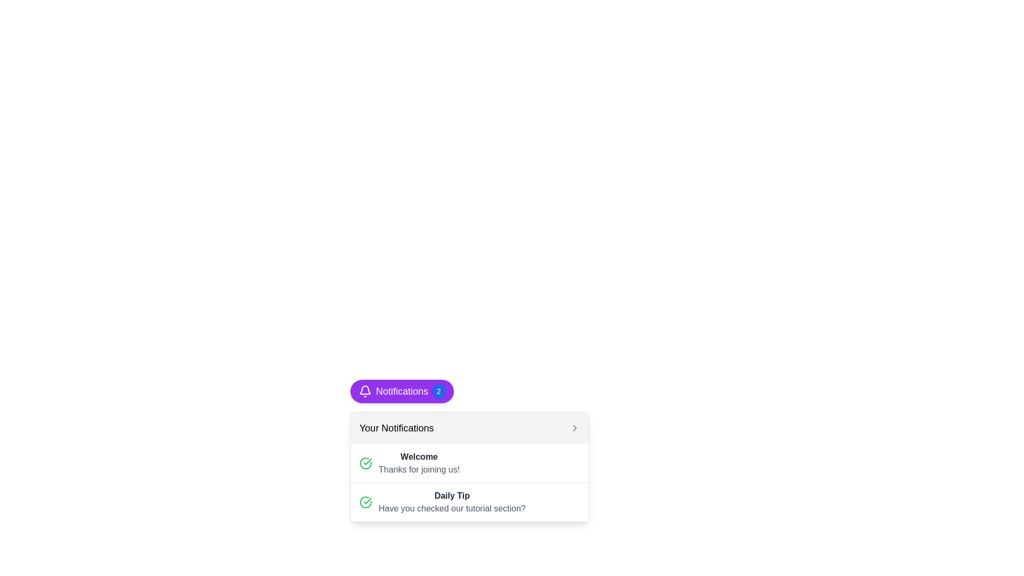 Image resolution: width=1024 pixels, height=576 pixels. What do you see at coordinates (469, 462) in the screenshot?
I see `the first notification item in the 'Your Notifications' list` at bounding box center [469, 462].